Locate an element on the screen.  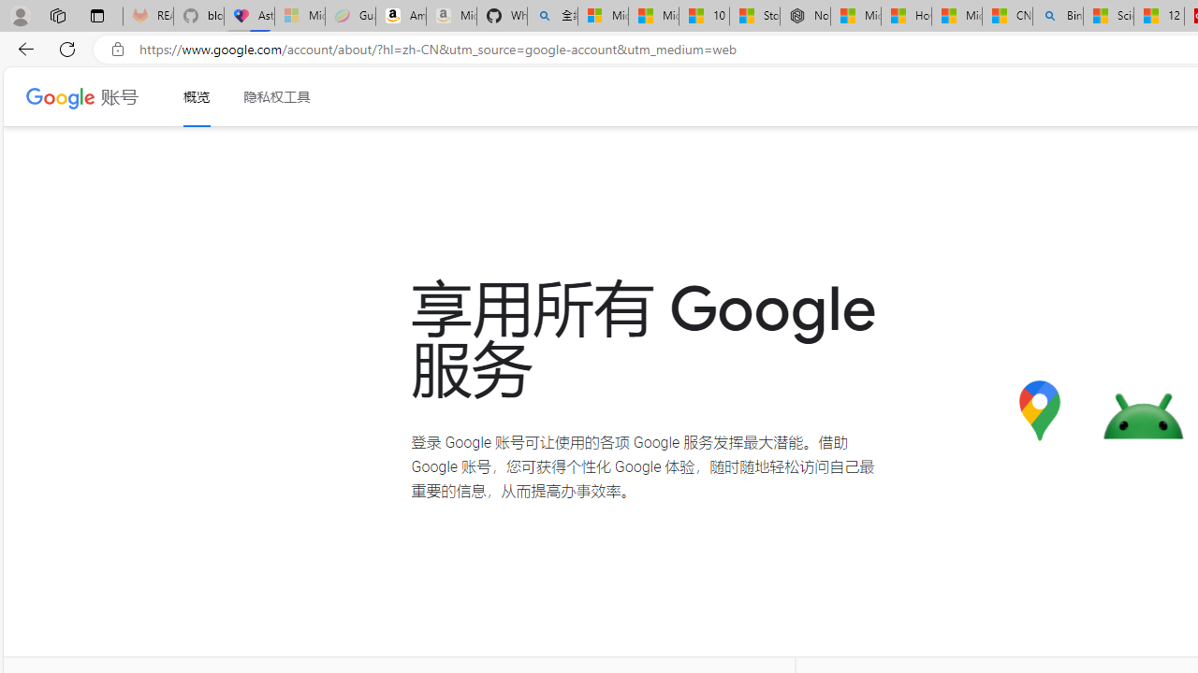
'Bing' is located at coordinates (1058, 16).